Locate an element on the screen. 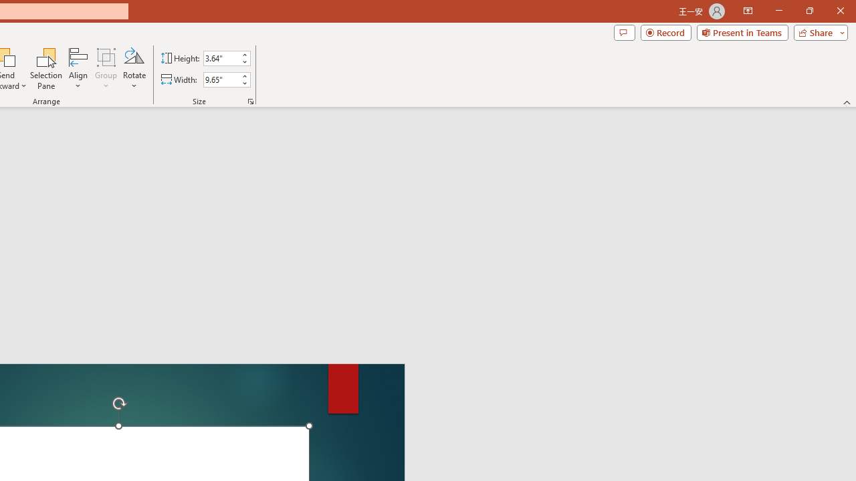 The width and height of the screenshot is (856, 481). 'Shape Width' is located at coordinates (221, 79).